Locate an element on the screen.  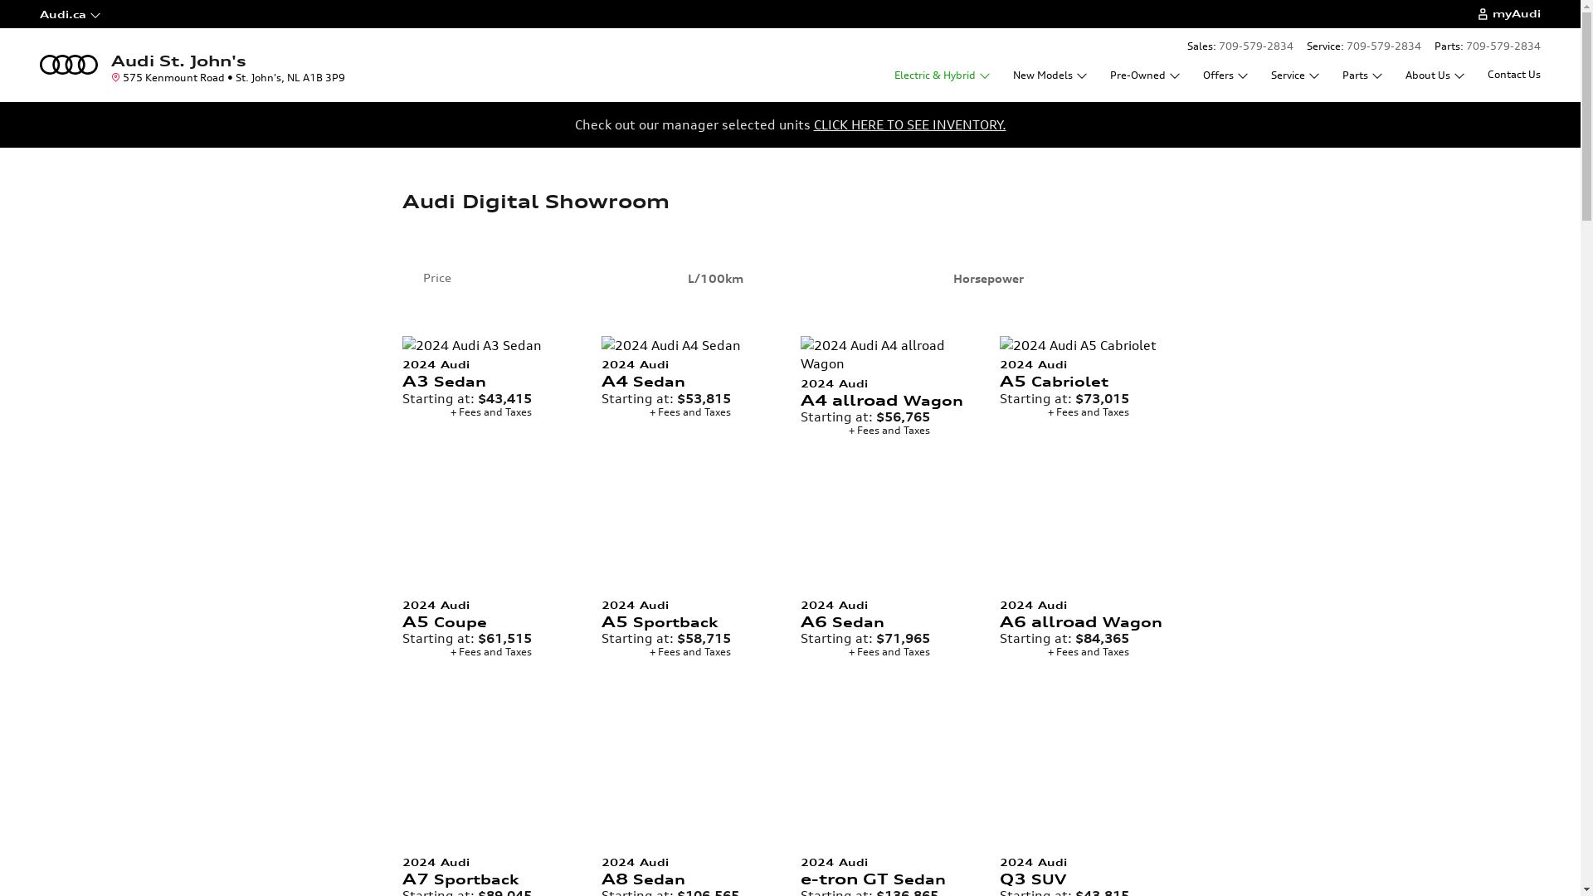
'2024 Audi A5 Coupe' is located at coordinates (482, 611).